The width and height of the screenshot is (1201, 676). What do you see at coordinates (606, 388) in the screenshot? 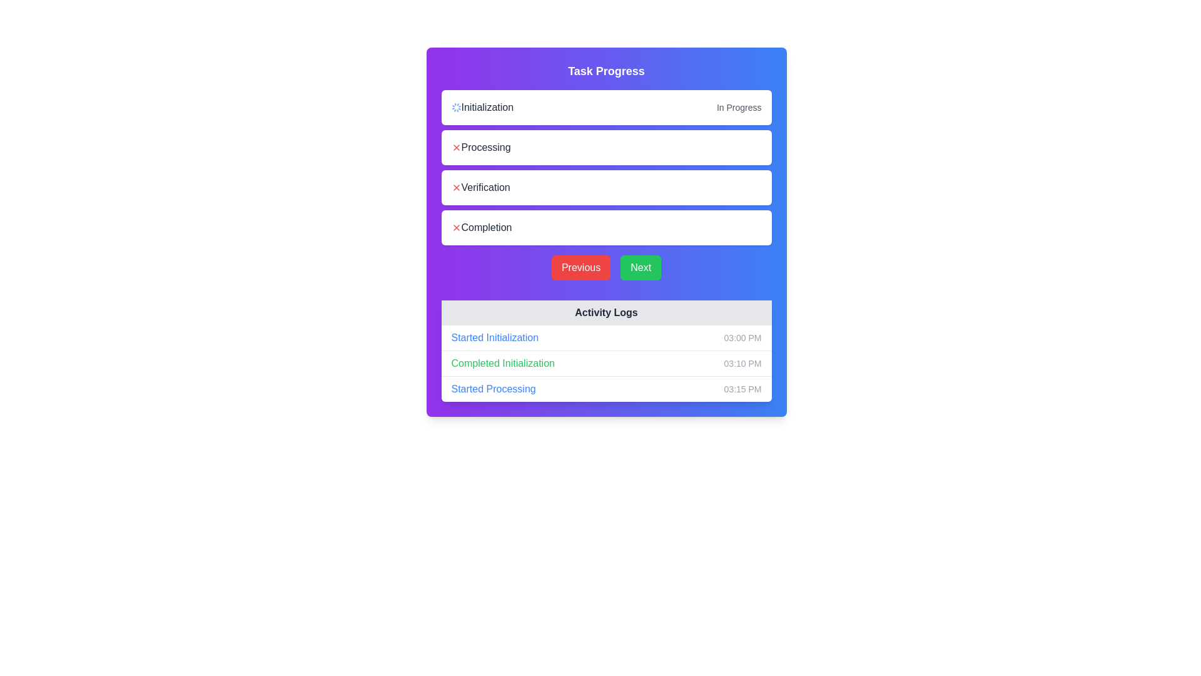
I see `the third row of the activity logs displaying the log entry for the start of a processing stage, which includes a timestamp` at bounding box center [606, 388].